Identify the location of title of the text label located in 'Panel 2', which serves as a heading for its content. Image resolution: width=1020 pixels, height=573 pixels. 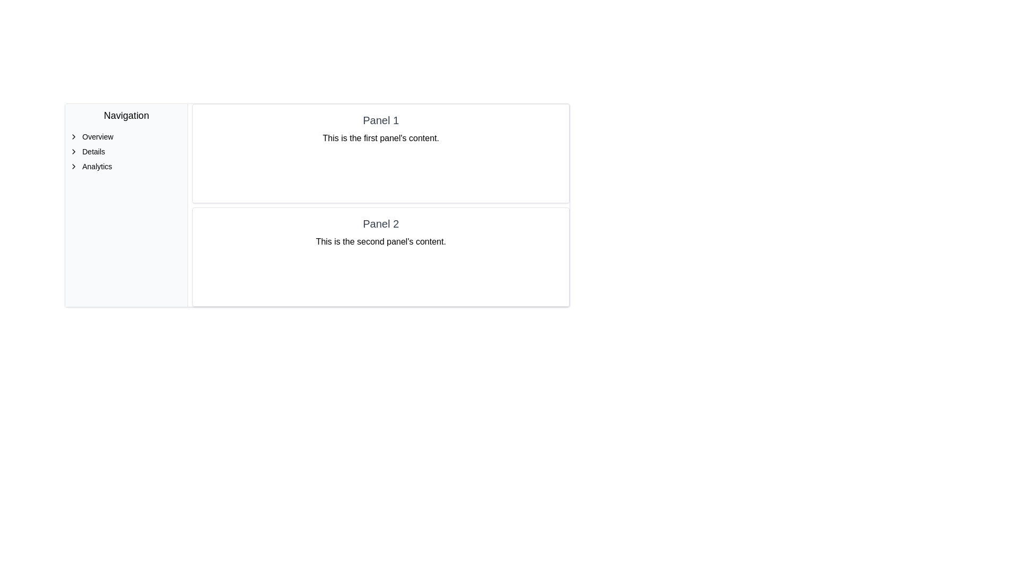
(381, 223).